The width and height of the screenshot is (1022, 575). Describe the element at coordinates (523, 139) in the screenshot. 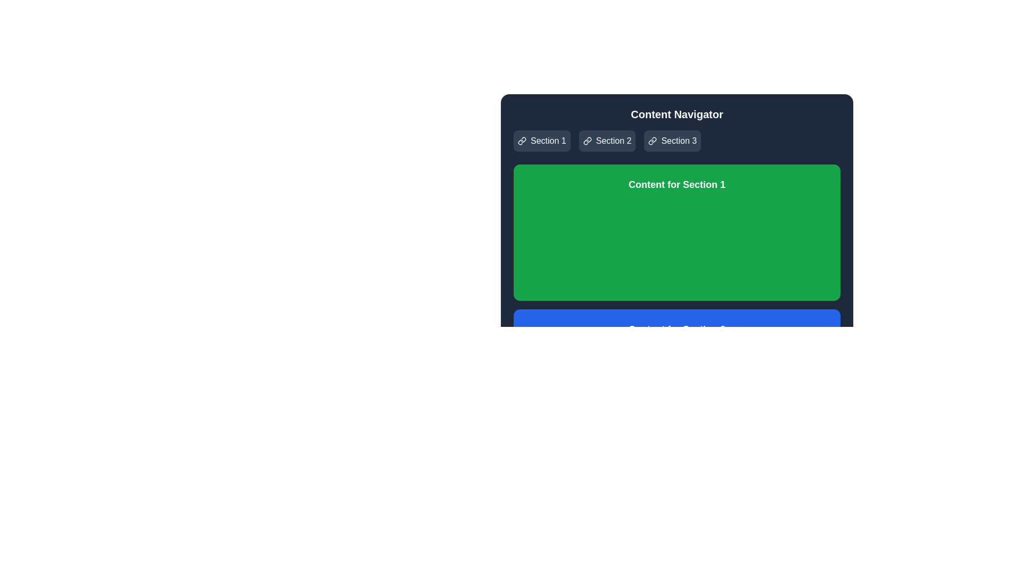

I see `the icon element that represents the 'Section 1' button, located in the top-left quadrant of the interface` at that location.